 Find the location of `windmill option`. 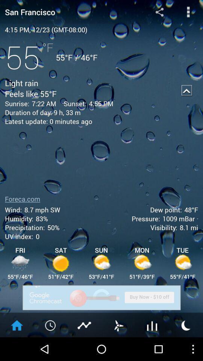

windmill option is located at coordinates (118, 325).